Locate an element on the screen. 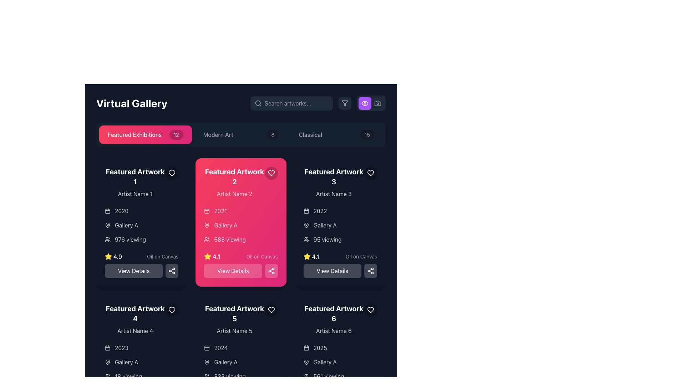  the share button with a dark background and rounded corners located at the bottom right of the card labeled 'Featured Artwork 2' is located at coordinates (172, 271).